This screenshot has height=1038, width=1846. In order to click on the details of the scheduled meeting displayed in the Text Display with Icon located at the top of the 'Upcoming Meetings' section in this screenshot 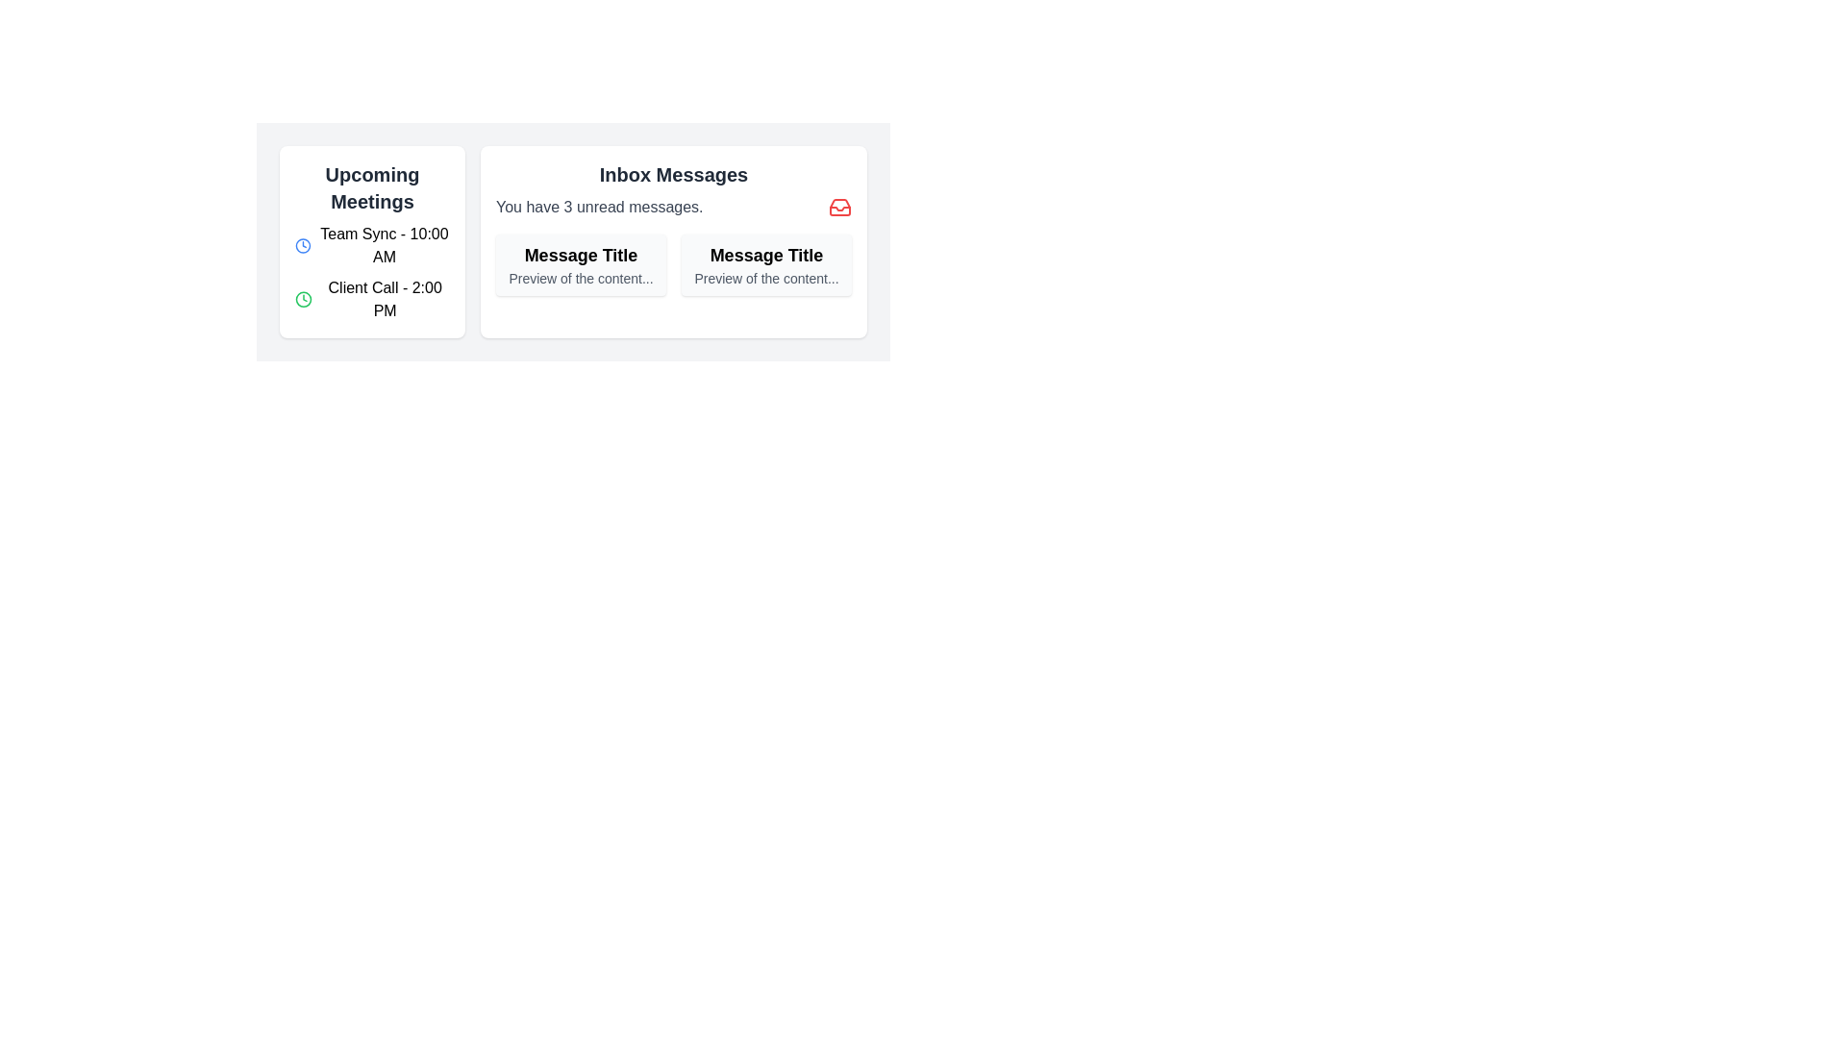, I will do `click(372, 244)`.